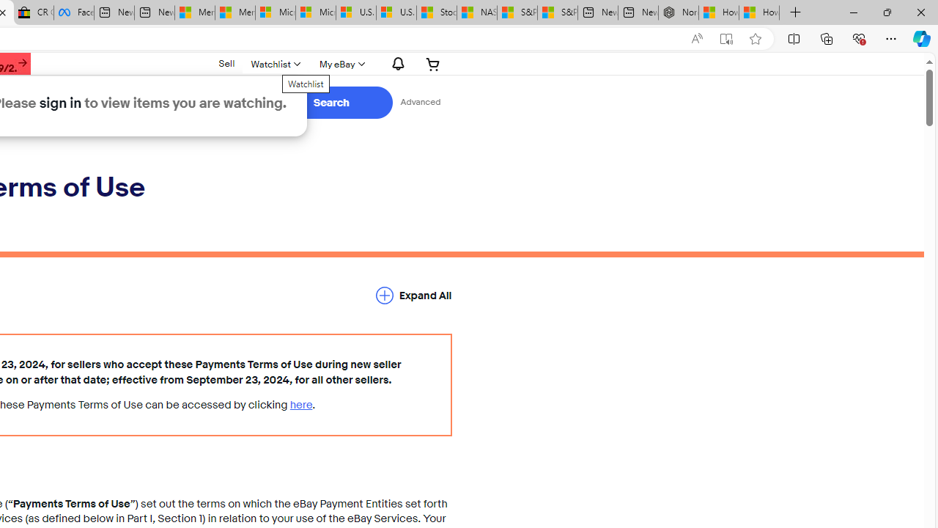  Describe the element at coordinates (556, 12) in the screenshot. I see `'S&P 500, Nasdaq end lower, weighed by Nvidia dip | Watch'` at that location.